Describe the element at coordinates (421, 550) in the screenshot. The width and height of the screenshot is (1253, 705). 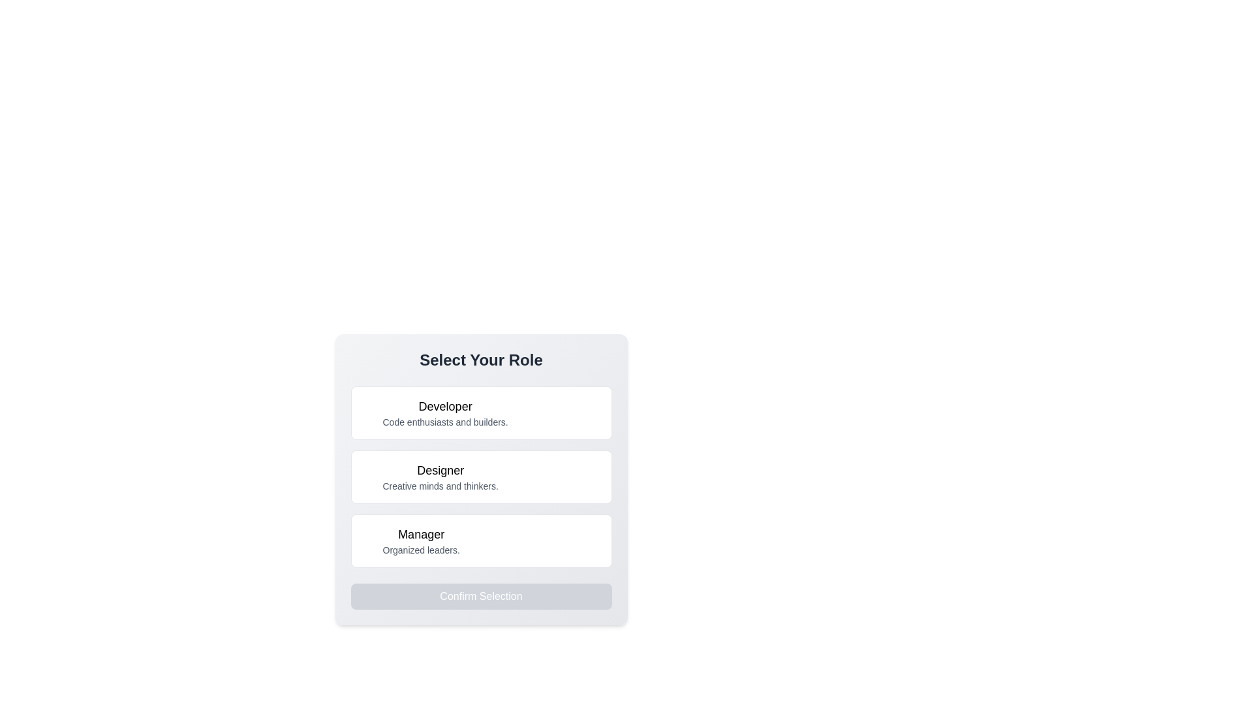
I see `the static text label providing additional information about the 'Manager' role, located below the 'Manager' heading in the vertical list of roles` at that location.